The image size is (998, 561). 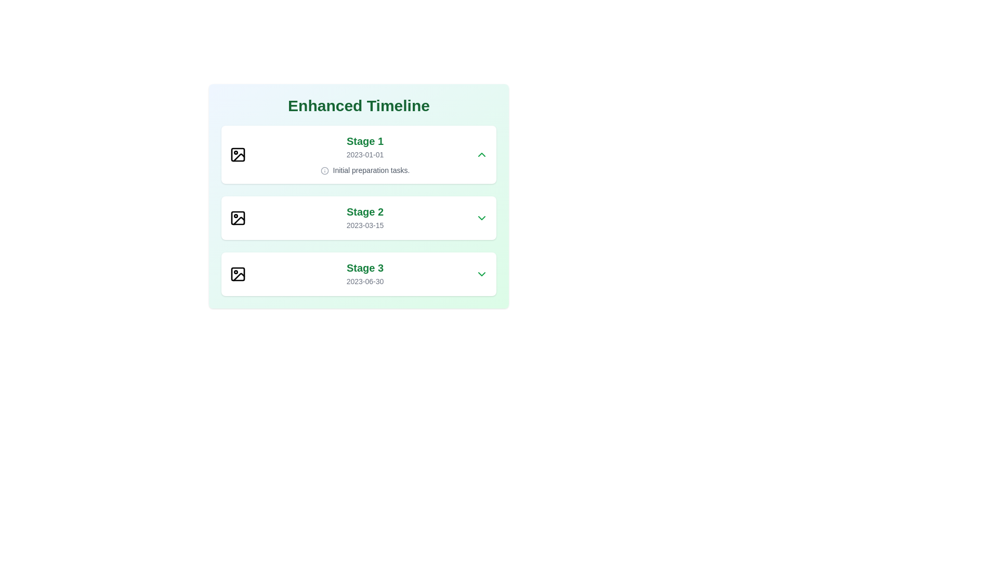 What do you see at coordinates (237, 154) in the screenshot?
I see `the icon representing a placeholder for an image, located to the left of the text 'Stage 1' and '2023-01-01' in the top-left corner of the first entry box in the timeline stages` at bounding box center [237, 154].